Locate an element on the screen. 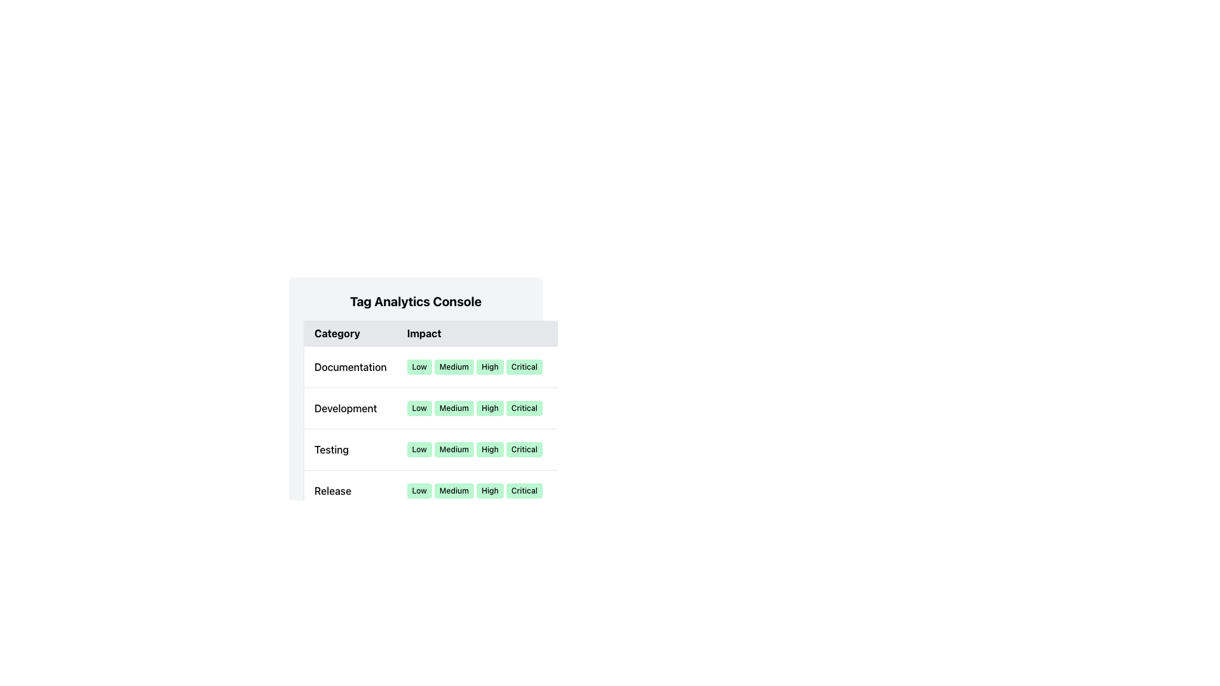 Image resolution: width=1220 pixels, height=686 pixels. the second badge labeled 'Medium' in the 'Impact' column under the 'Testing' category, which visually represents a medium level of status is located at coordinates (454, 449).